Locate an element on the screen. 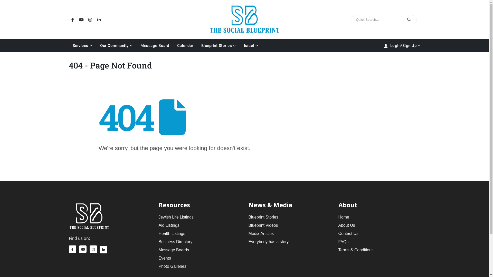 This screenshot has height=277, width=493. 'Media Articles' is located at coordinates (261, 233).